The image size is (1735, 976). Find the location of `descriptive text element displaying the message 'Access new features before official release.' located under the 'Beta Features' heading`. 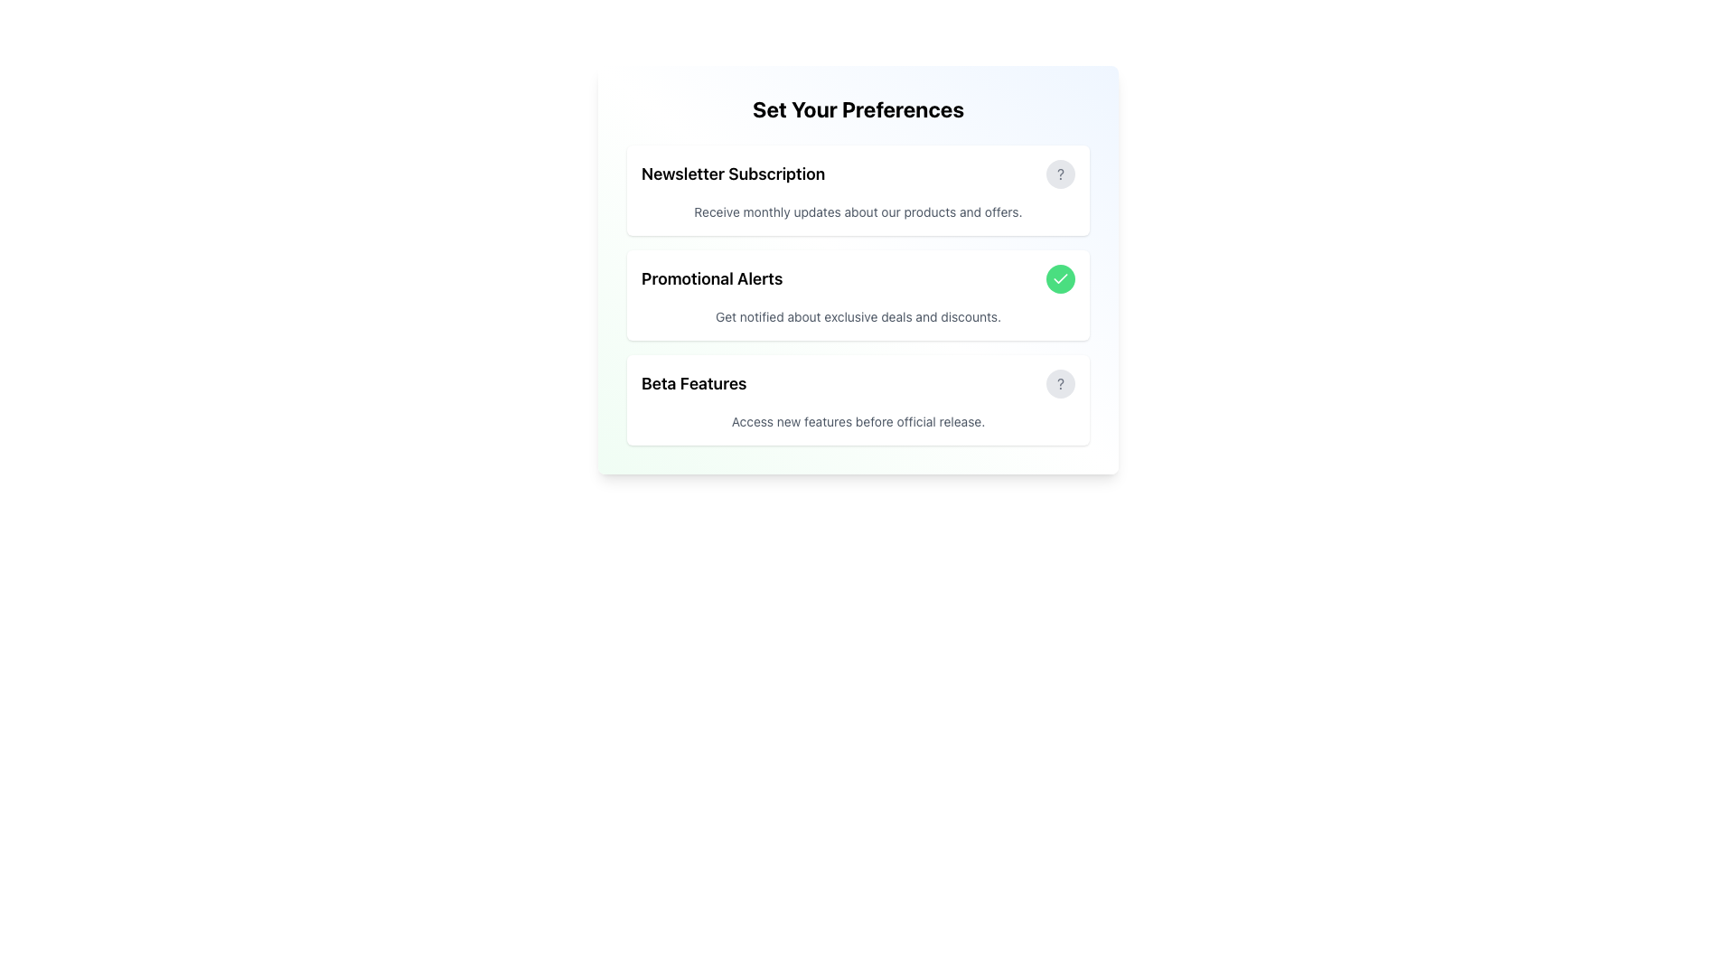

descriptive text element displaying the message 'Access new features before official release.' located under the 'Beta Features' heading is located at coordinates (858, 421).